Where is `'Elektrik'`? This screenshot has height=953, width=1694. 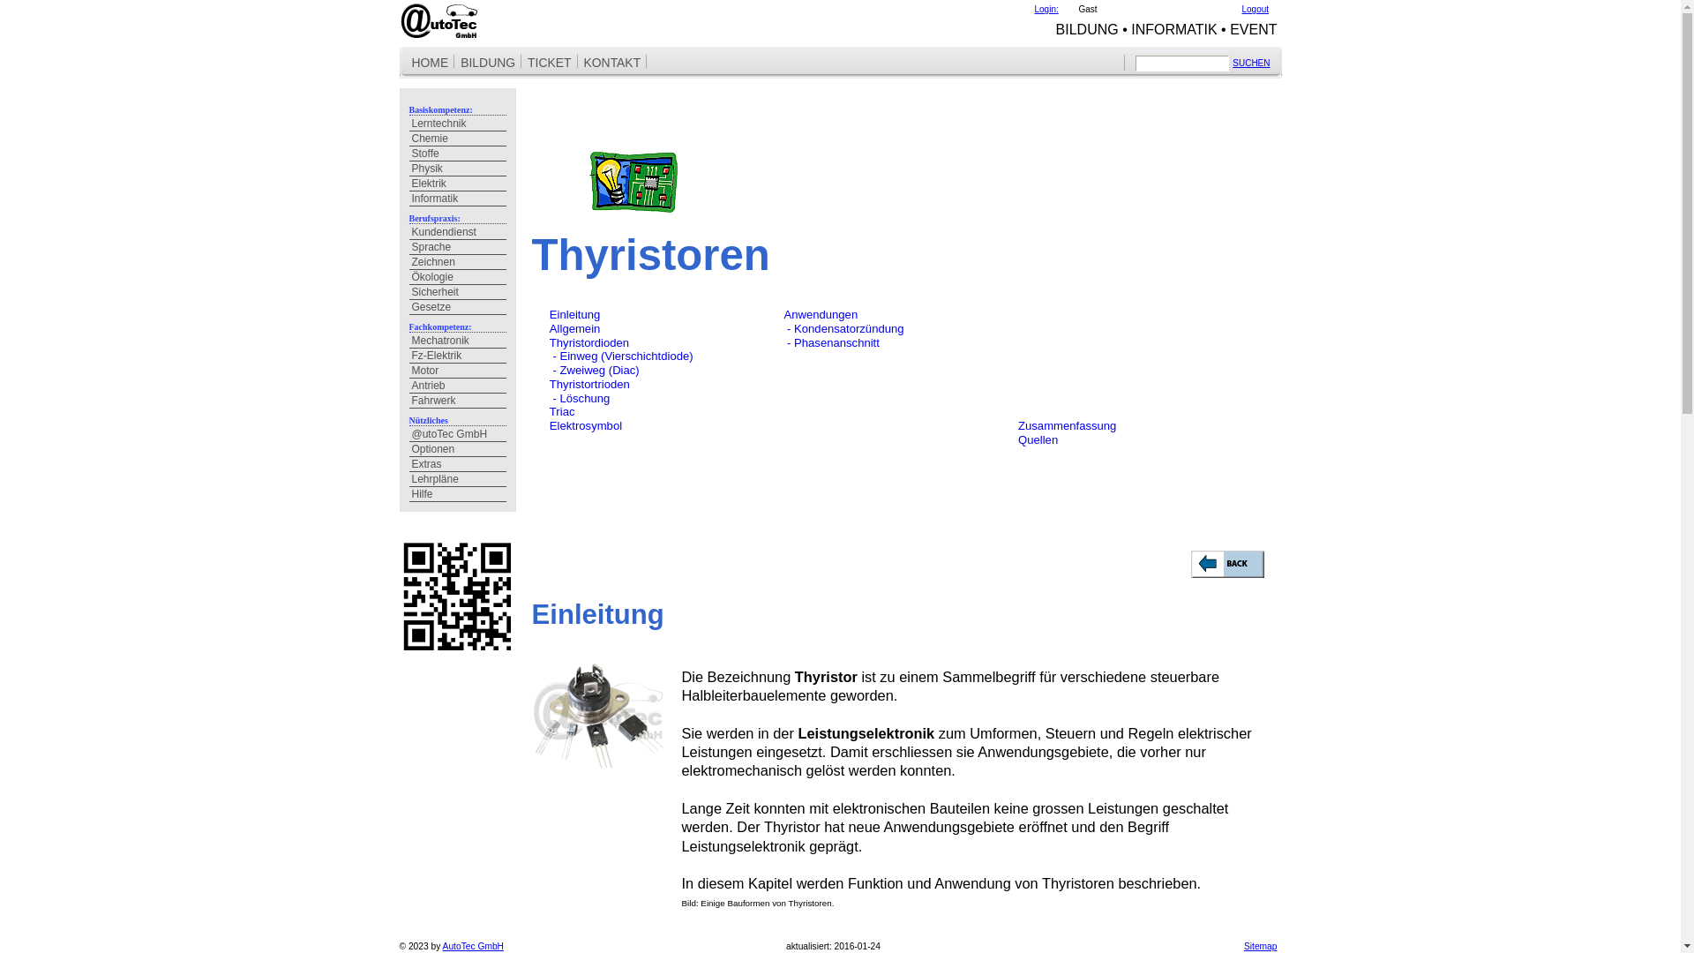 'Elektrik' is located at coordinates (457, 184).